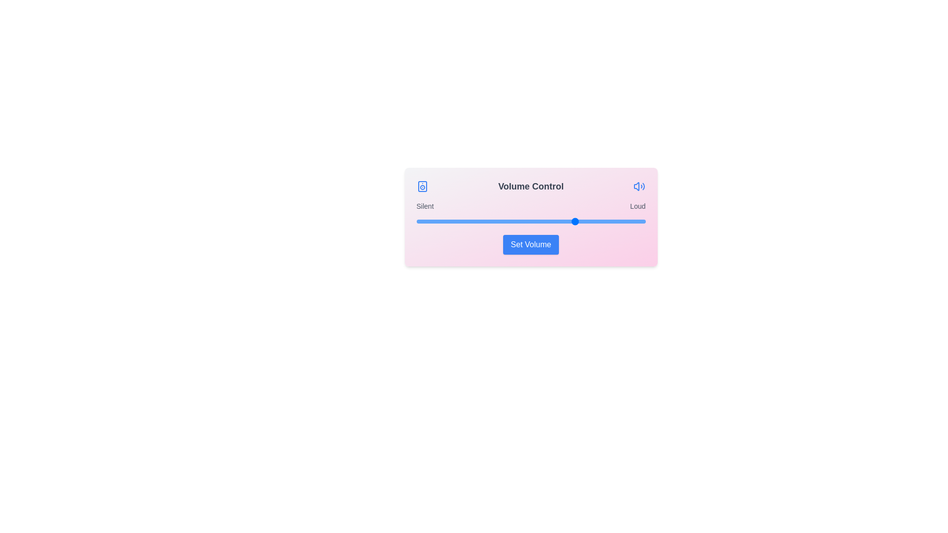 The height and width of the screenshot is (533, 948). I want to click on the 'Set Volume' button to confirm the volume setting, so click(530, 244).